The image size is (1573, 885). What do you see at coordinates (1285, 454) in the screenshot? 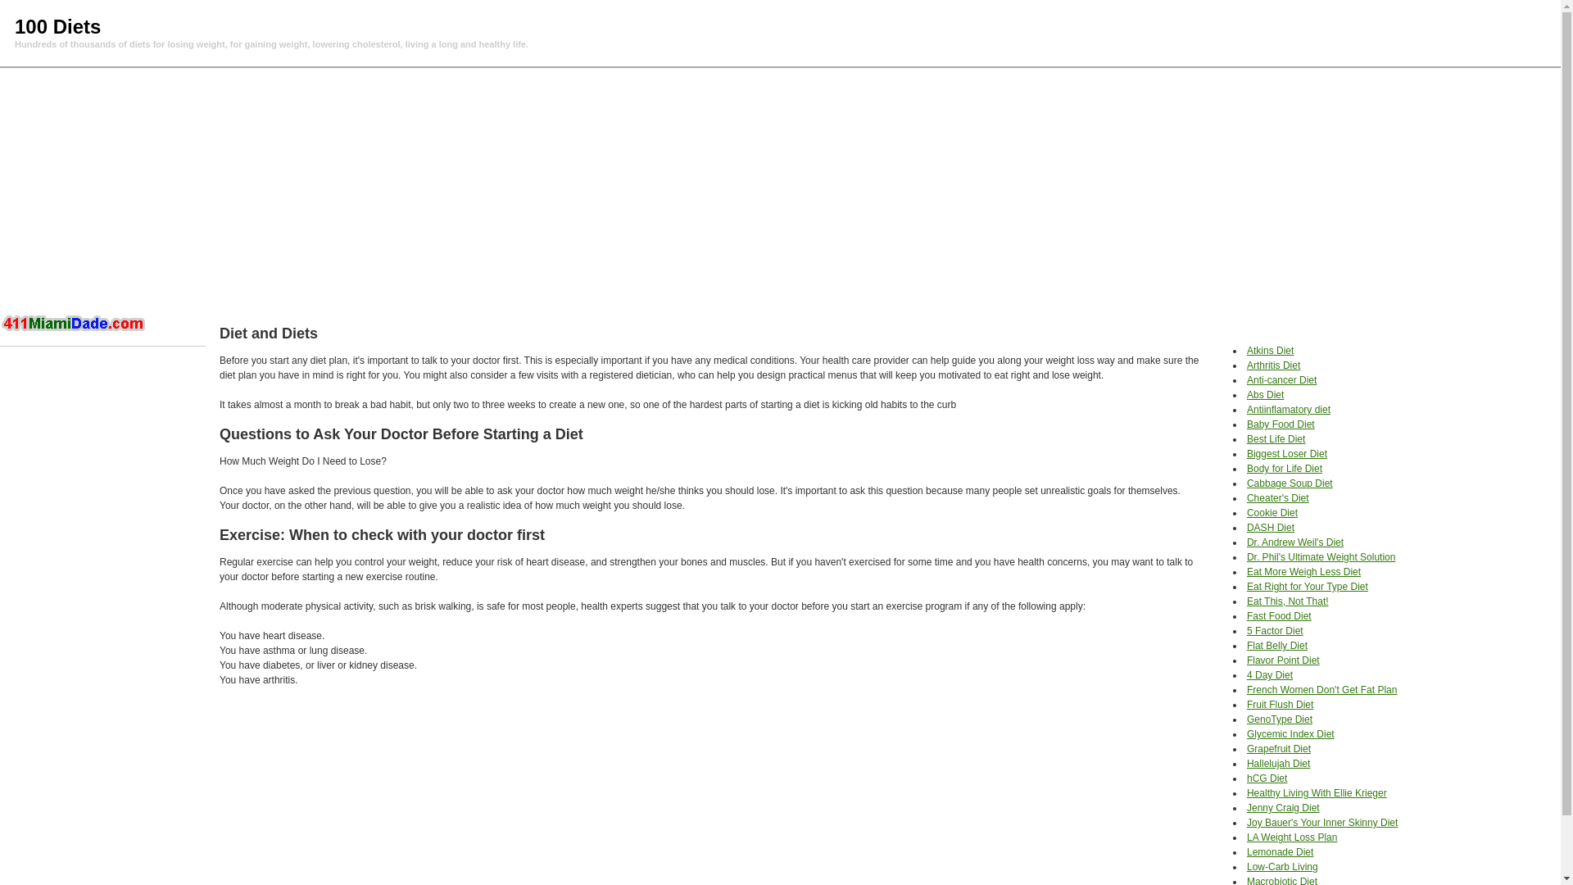
I see `'Biggest Loser Diet'` at bounding box center [1285, 454].